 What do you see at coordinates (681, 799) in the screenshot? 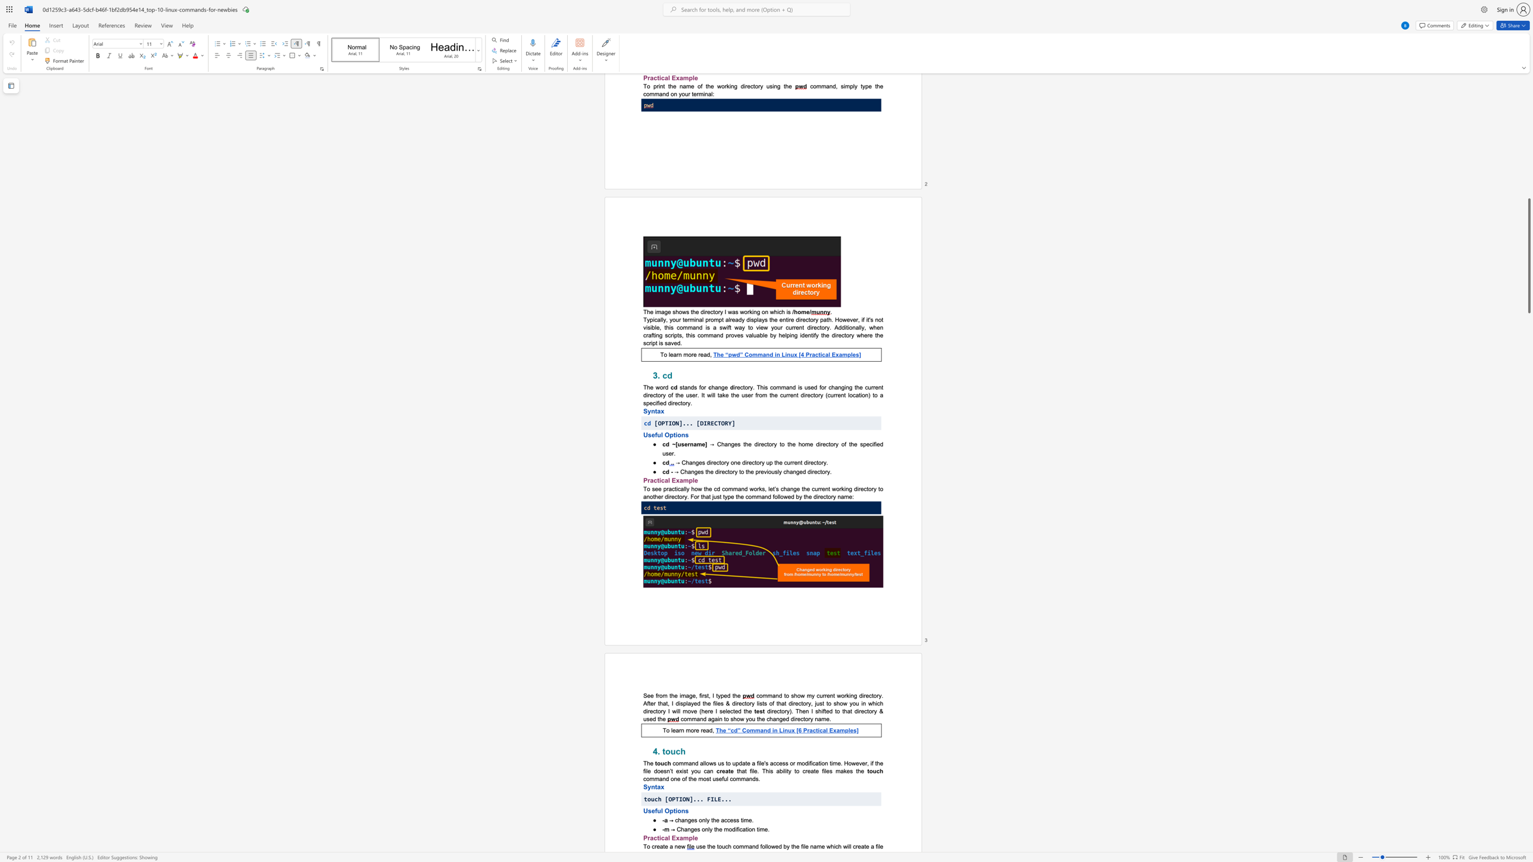
I see `the subset text "ON]... FIL" within the text "touch [OPTION]... FILE..."` at bounding box center [681, 799].